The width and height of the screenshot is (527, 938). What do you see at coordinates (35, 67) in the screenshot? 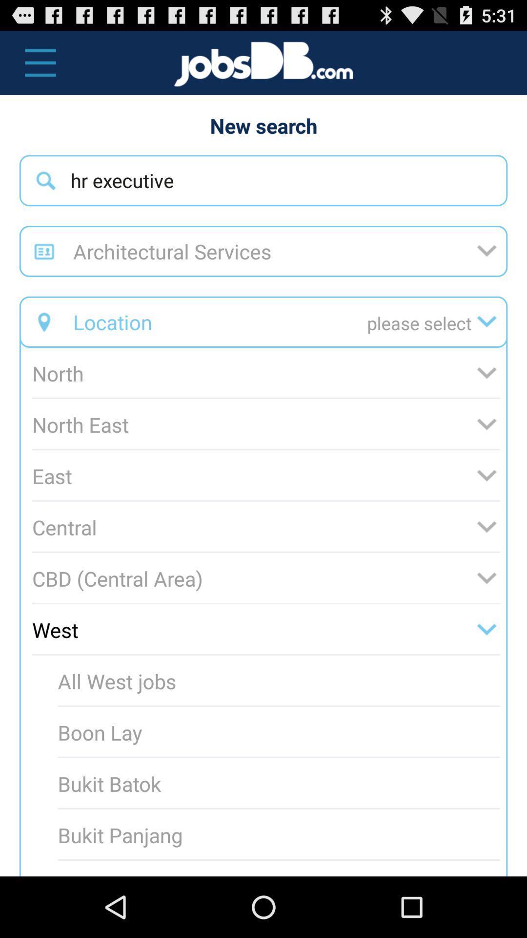
I see `the menu icon` at bounding box center [35, 67].